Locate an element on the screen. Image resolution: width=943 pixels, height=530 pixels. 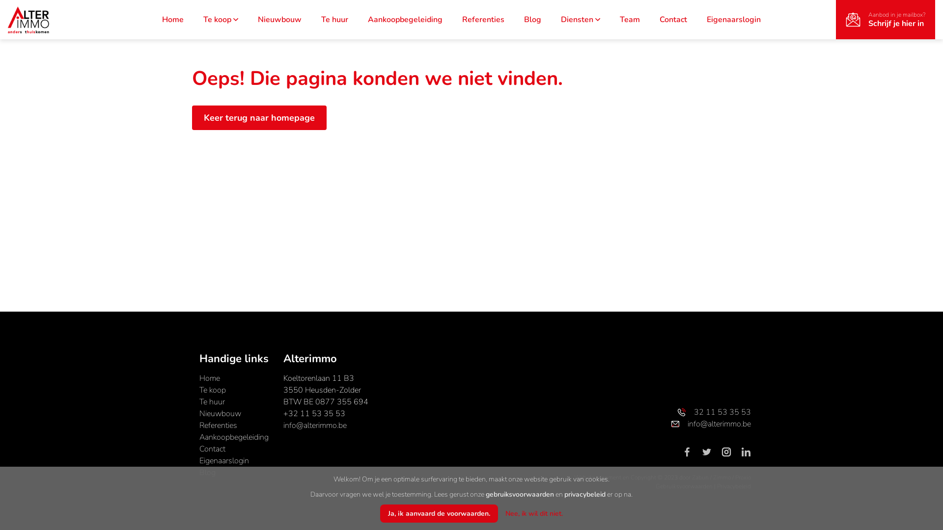
'info@alterimmo.be' is located at coordinates (315, 425).